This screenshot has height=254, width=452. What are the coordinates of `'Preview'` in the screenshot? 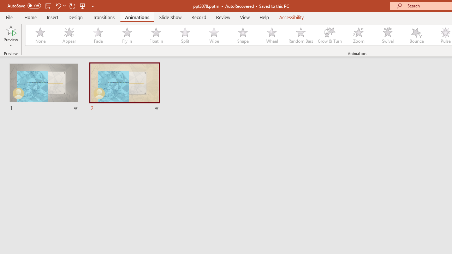 It's located at (11, 30).